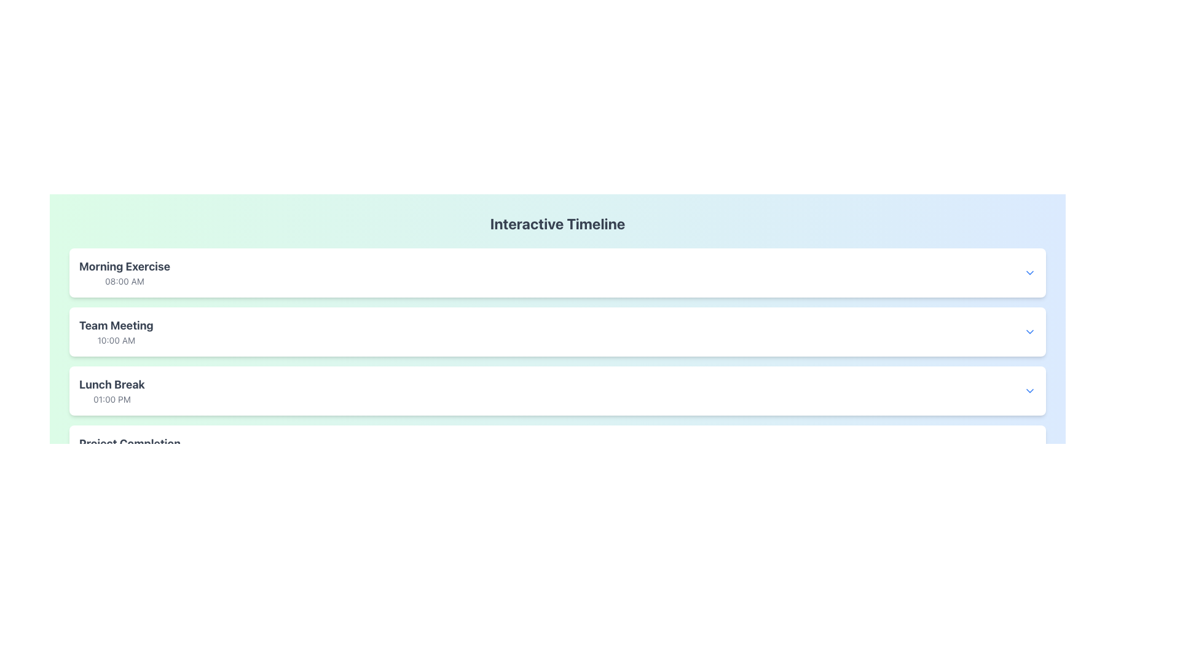 The height and width of the screenshot is (664, 1180). I want to click on the blue button with a downward-facing chevron icon located at the far-right side of the 'Lunch Break' section, so click(1029, 391).